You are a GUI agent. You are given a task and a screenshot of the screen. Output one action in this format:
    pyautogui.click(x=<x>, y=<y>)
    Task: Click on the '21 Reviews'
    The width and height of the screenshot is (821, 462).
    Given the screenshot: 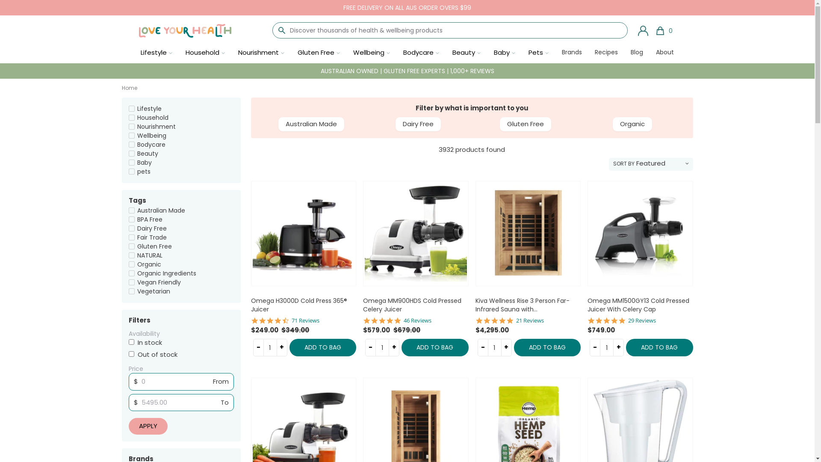 What is the action you would take?
    pyautogui.click(x=515, y=320)
    